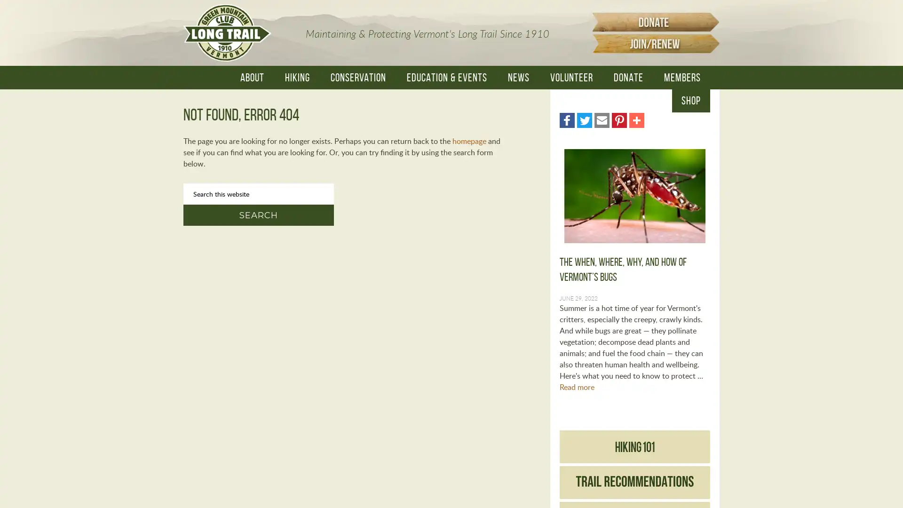  I want to click on Search, so click(259, 215).